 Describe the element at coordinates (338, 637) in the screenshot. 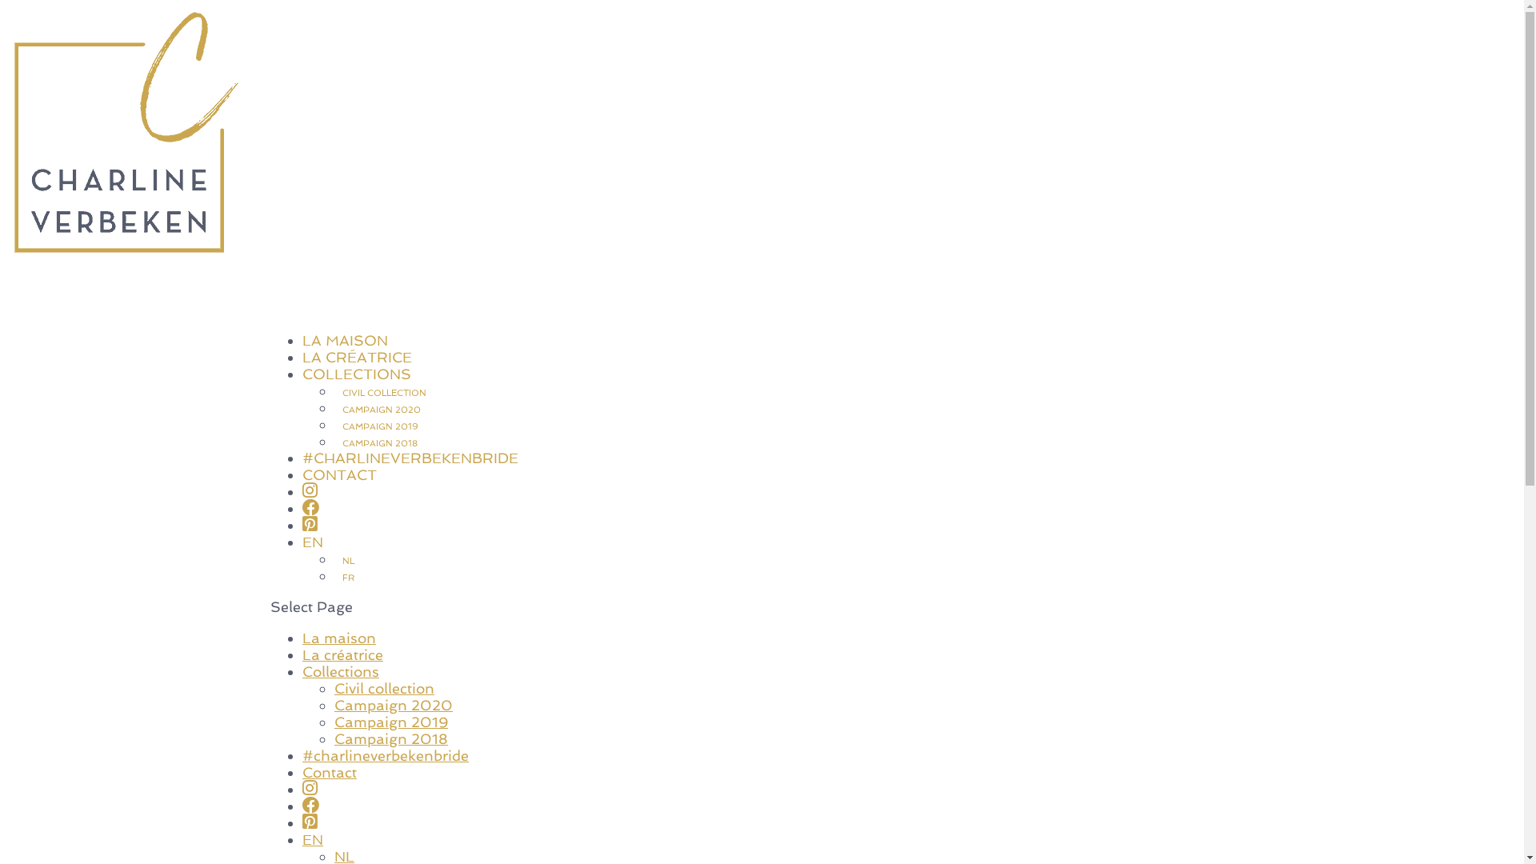

I see `'La maison'` at that location.